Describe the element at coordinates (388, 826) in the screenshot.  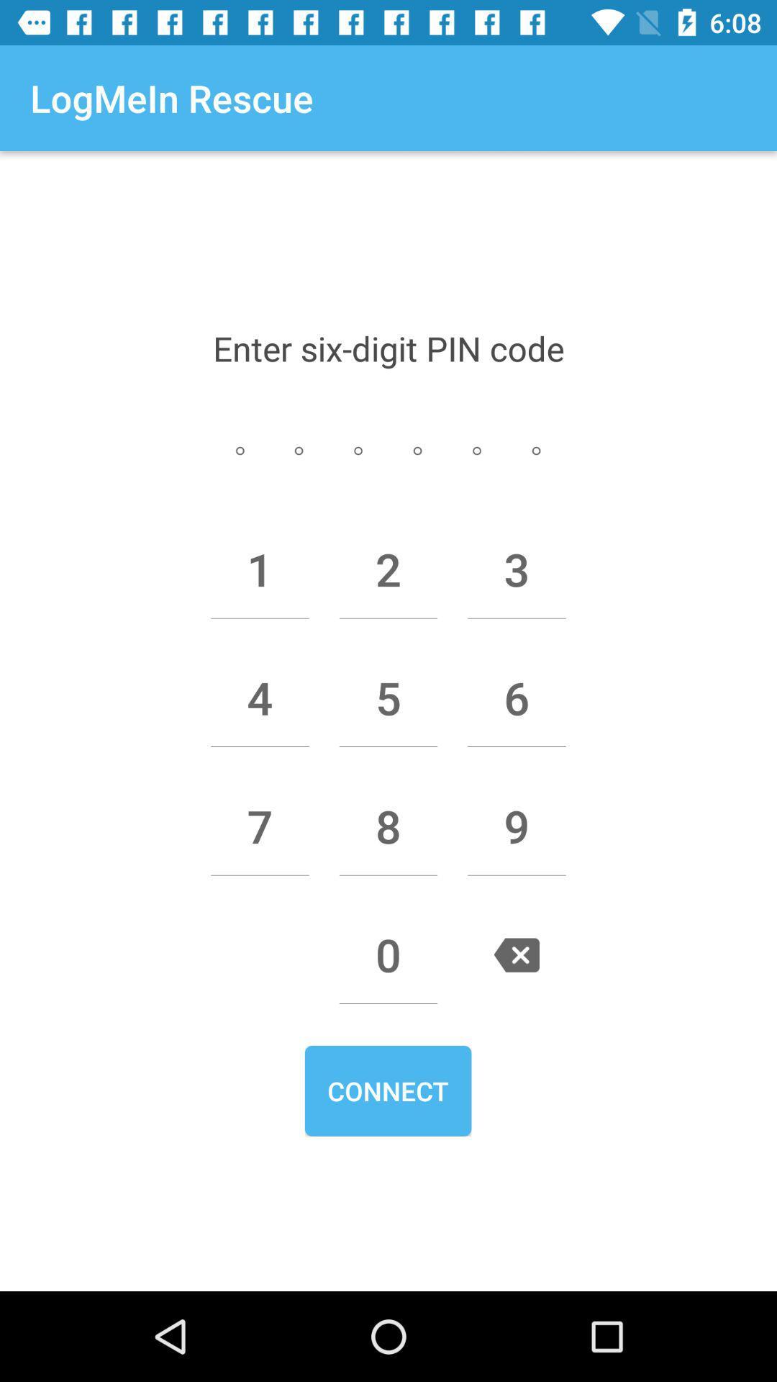
I see `icon next to the 7 item` at that location.